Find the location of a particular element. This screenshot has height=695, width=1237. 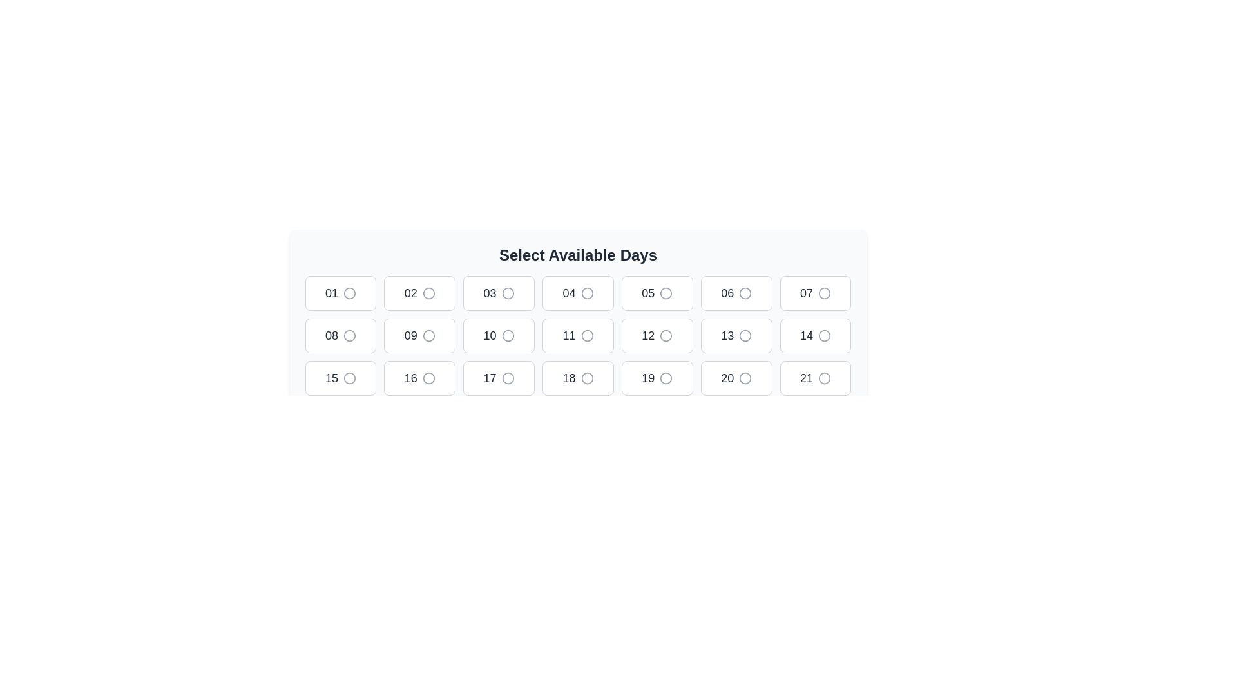

the 'Select Available Days' text label is located at coordinates (577, 255).